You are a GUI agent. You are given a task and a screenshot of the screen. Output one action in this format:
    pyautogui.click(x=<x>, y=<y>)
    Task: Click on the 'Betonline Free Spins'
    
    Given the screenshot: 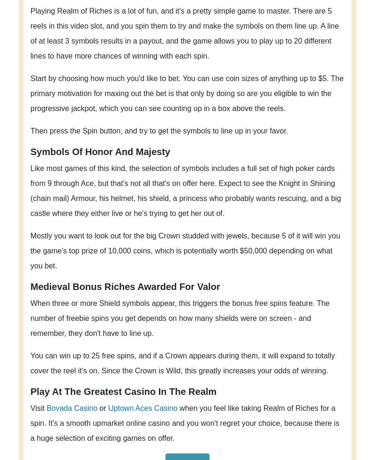 What is the action you would take?
    pyautogui.click(x=154, y=437)
    